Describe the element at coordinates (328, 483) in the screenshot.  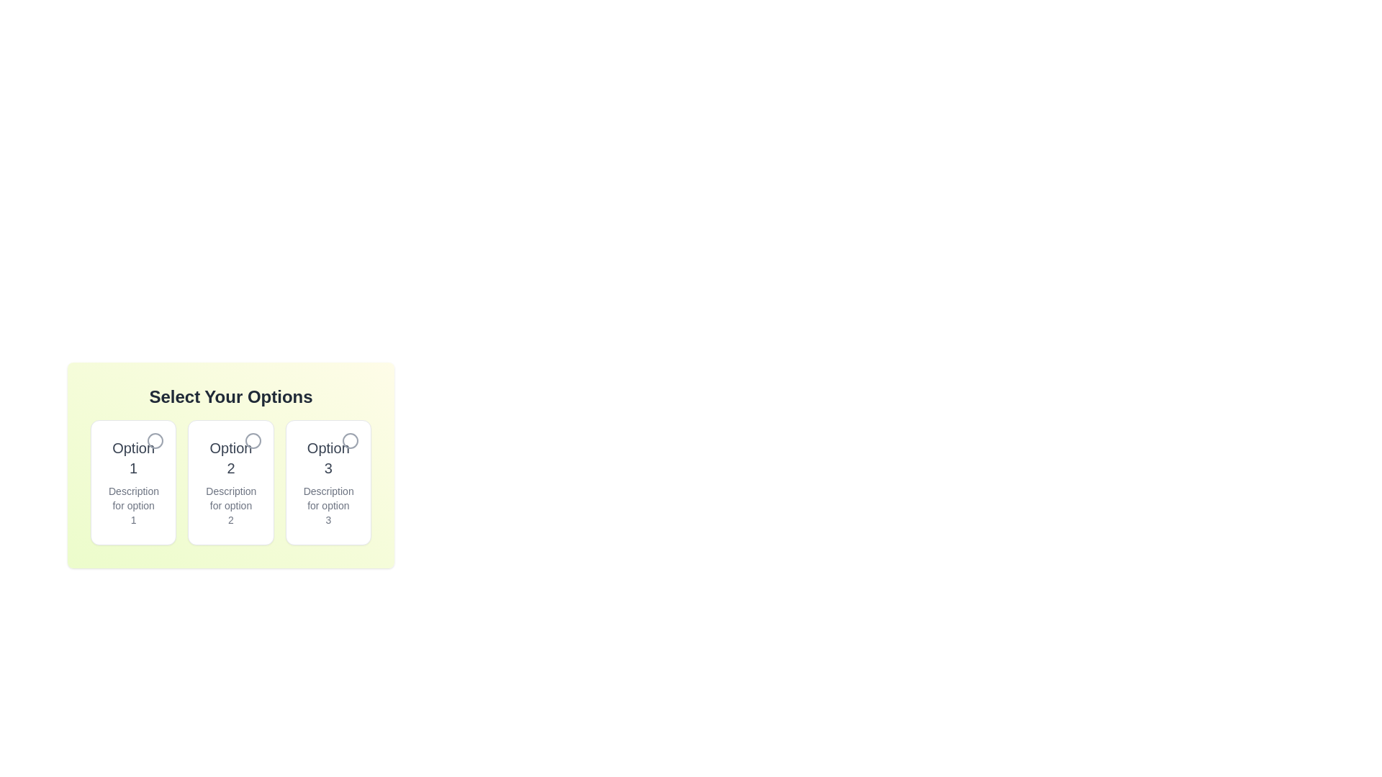
I see `the card with ID 3` at that location.